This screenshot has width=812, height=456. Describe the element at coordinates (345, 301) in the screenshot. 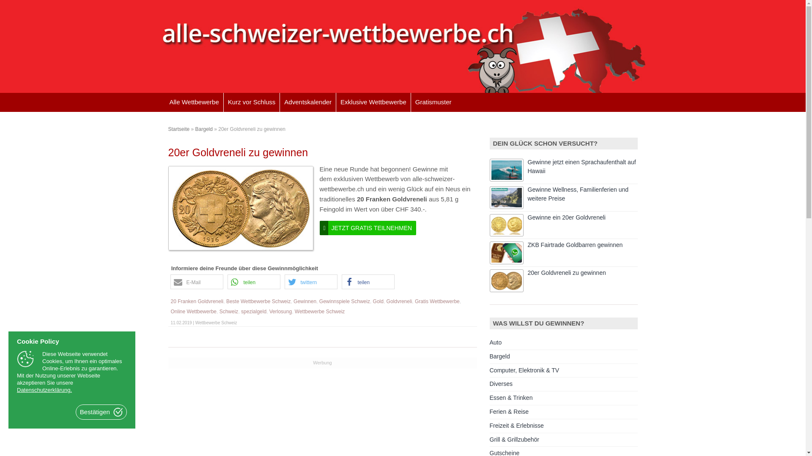

I see `'Gewinnspiele Schweiz'` at that location.